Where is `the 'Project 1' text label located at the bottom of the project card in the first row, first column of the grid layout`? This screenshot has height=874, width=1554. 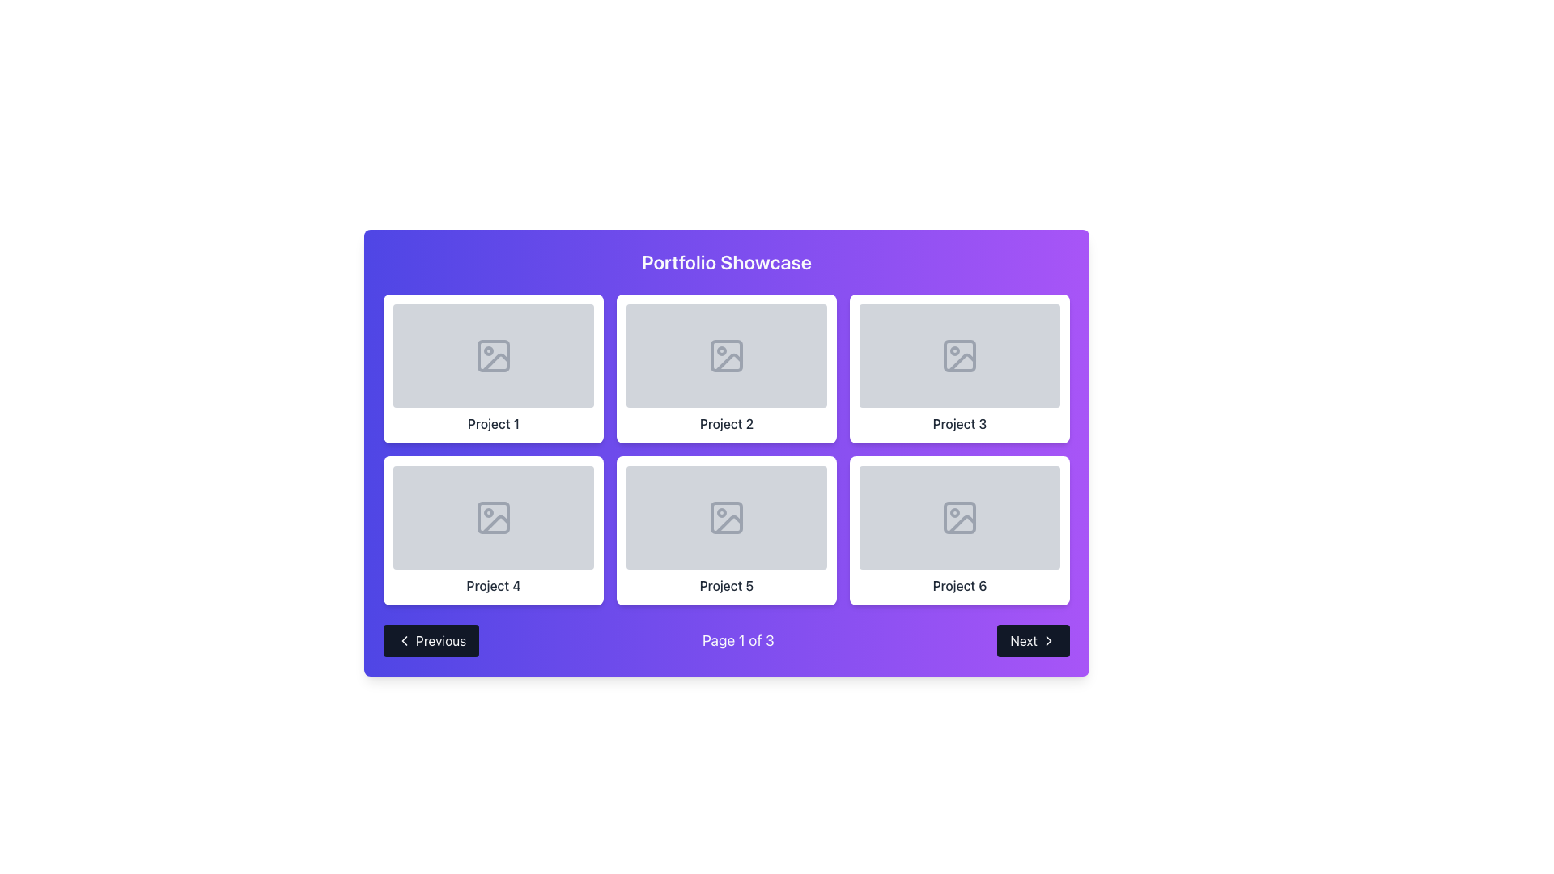
the 'Project 1' text label located at the bottom of the project card in the first row, first column of the grid layout is located at coordinates (492, 423).